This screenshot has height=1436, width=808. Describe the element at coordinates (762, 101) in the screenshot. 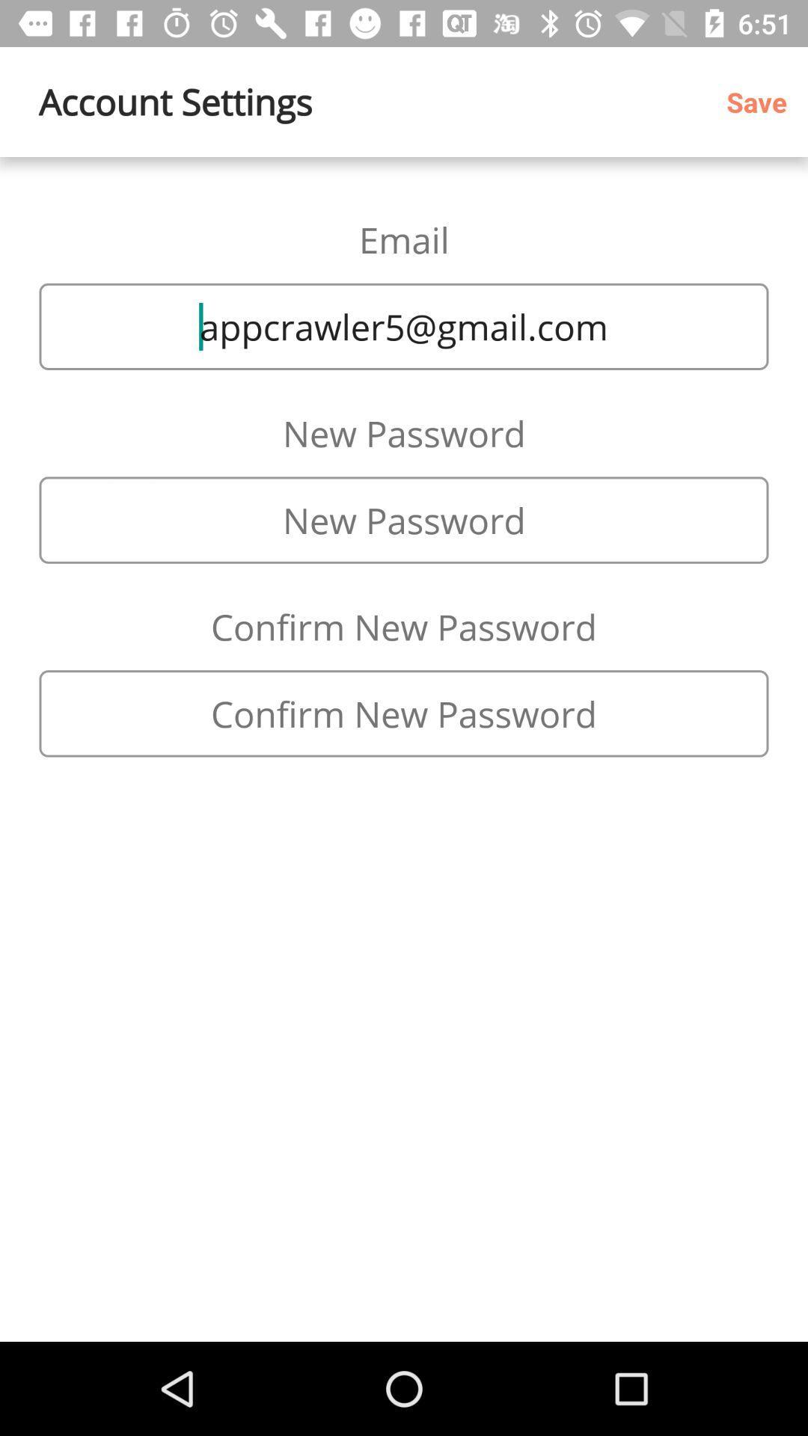

I see `the icon above email item` at that location.